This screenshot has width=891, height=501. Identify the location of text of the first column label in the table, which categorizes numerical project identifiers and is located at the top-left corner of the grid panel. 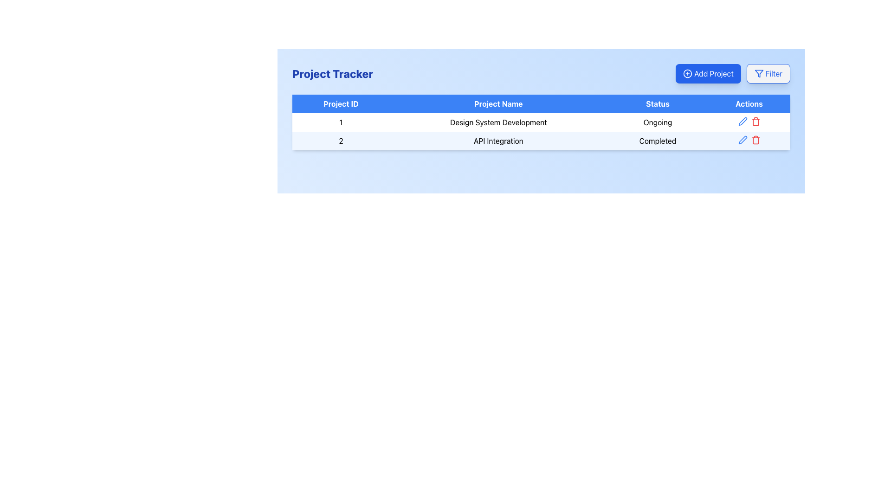
(340, 103).